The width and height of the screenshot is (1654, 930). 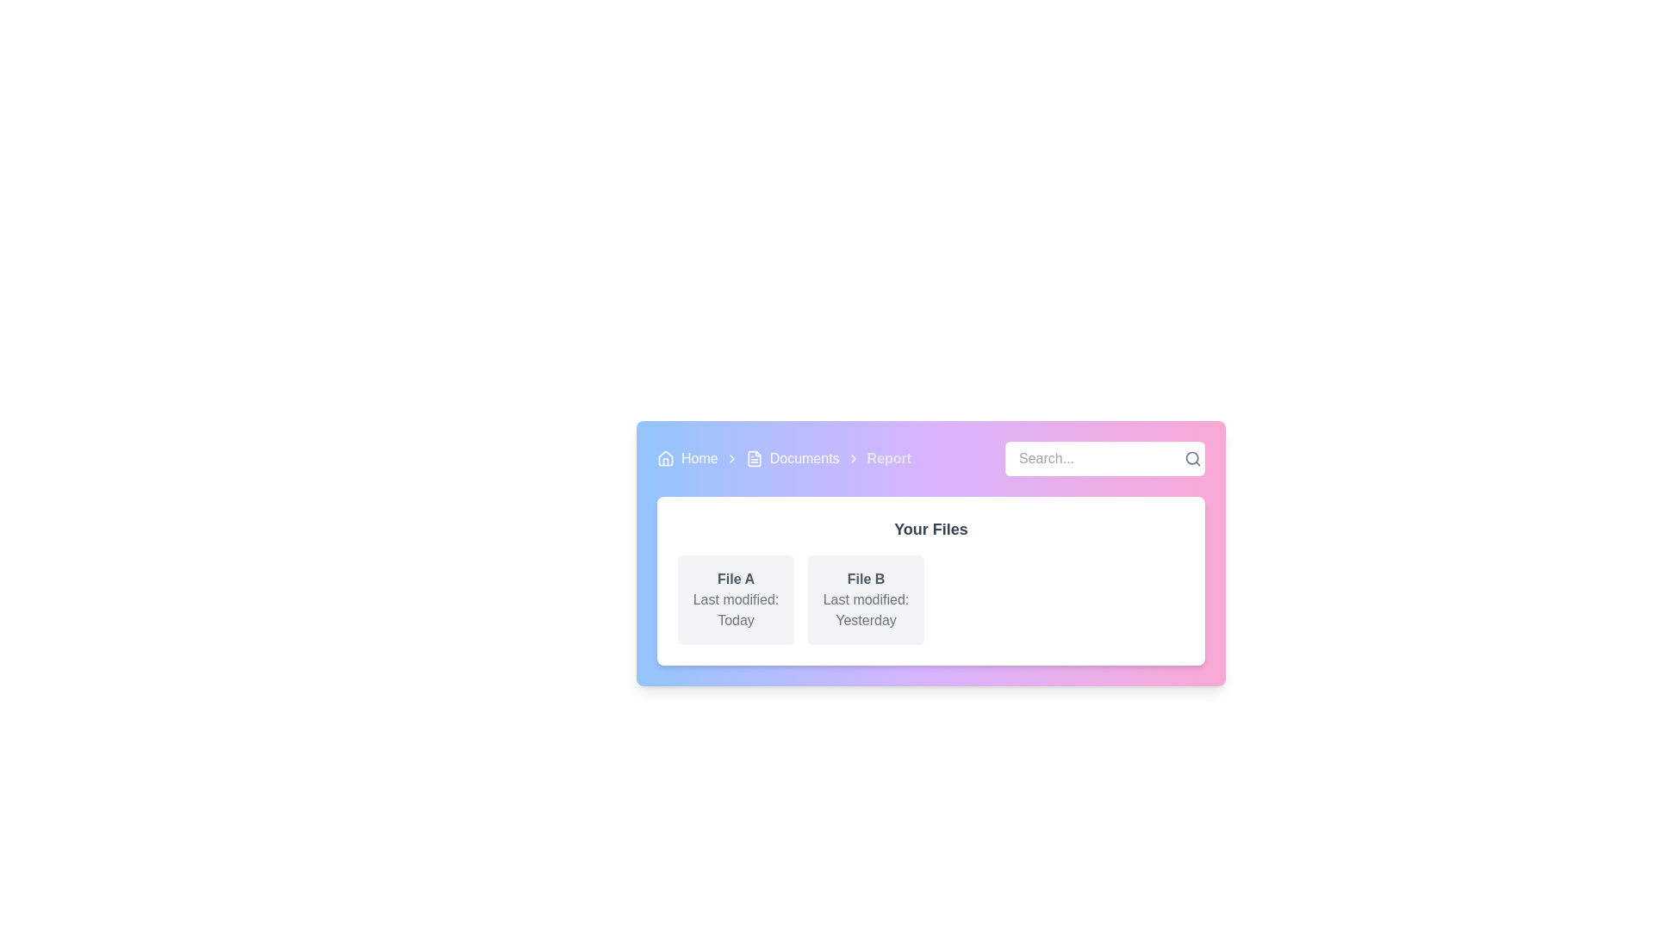 I want to click on the 'Report' label, which is the last item in the breadcrumb navigation bar, displayed in bold light gray font against a gradient background, so click(x=889, y=457).